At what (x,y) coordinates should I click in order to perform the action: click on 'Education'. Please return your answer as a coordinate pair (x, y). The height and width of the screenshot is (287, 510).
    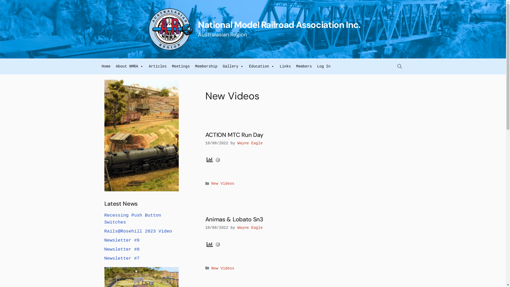
    Looking at the image, I should click on (261, 66).